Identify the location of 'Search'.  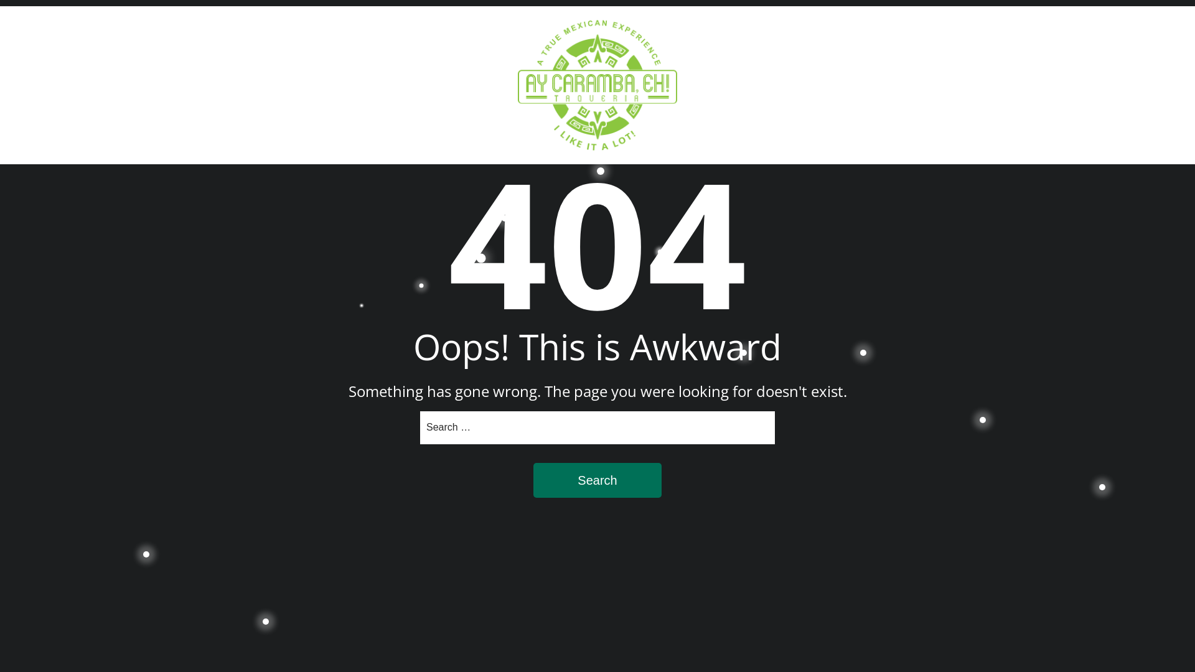
(533, 479).